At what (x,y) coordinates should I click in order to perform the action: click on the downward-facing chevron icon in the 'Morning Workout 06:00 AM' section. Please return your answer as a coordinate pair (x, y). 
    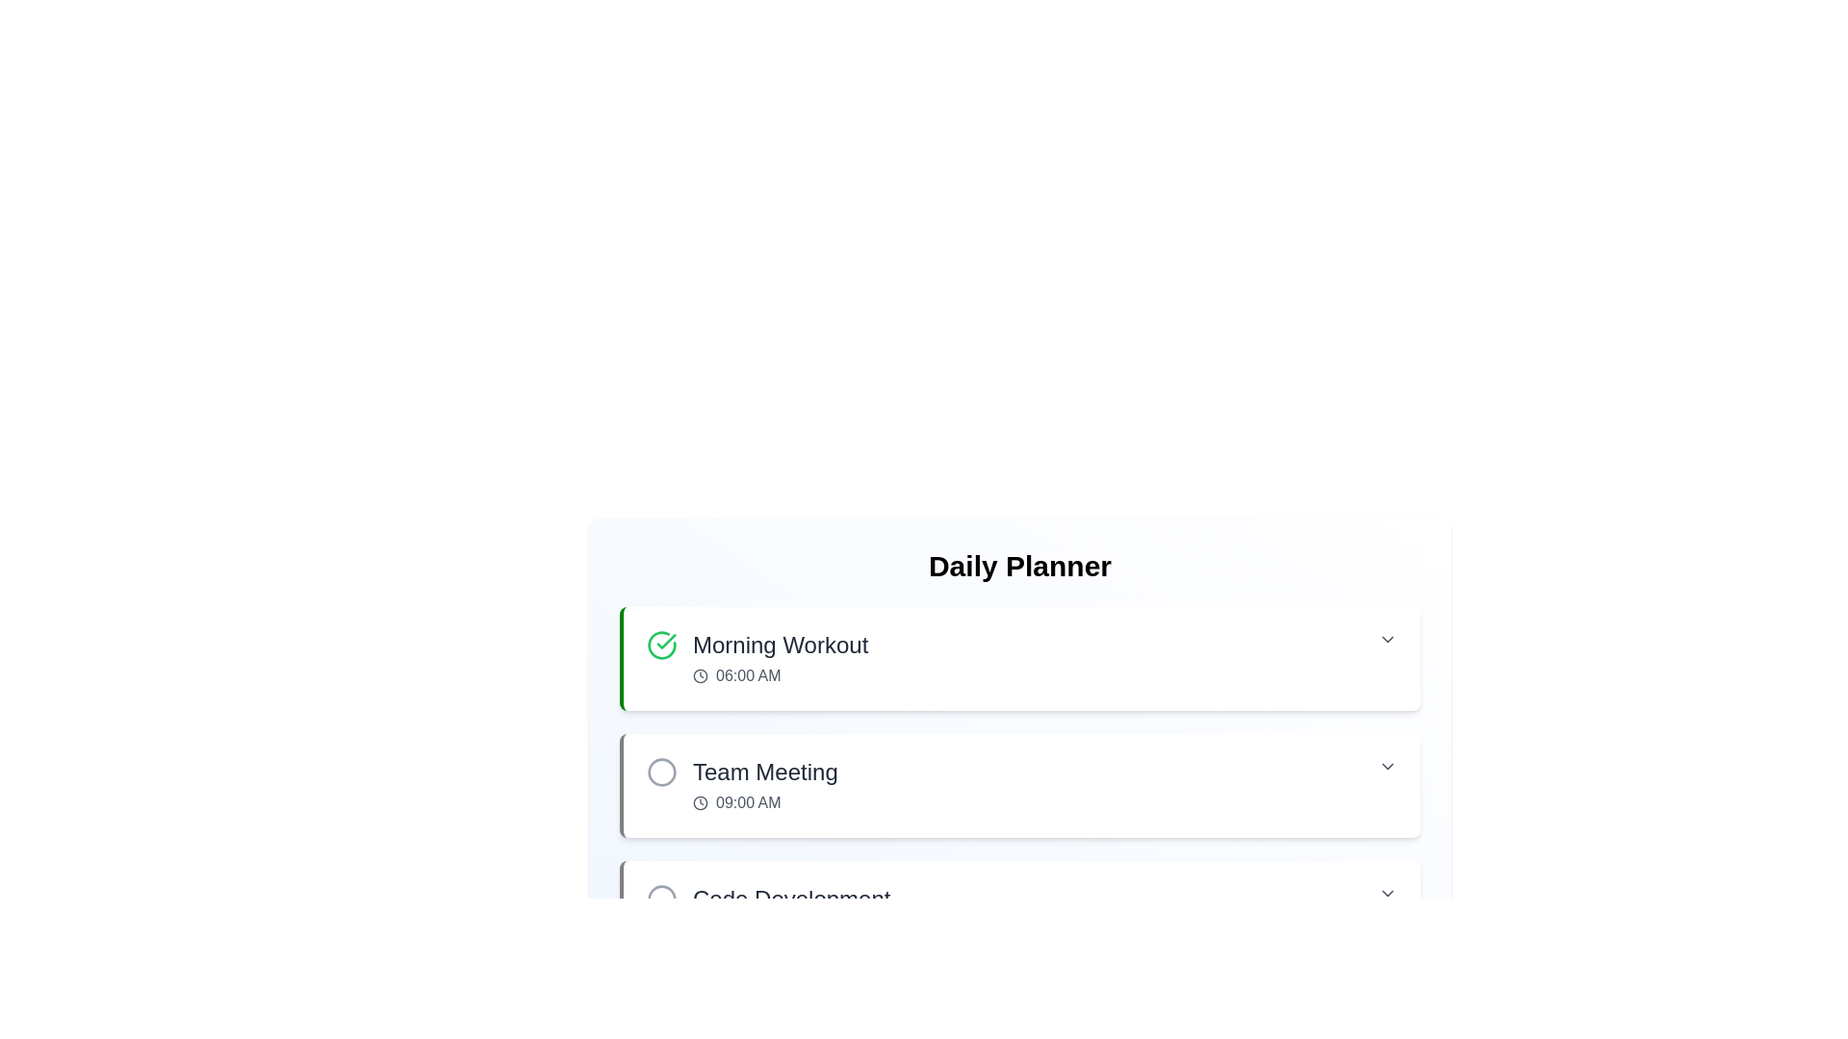
    Looking at the image, I should click on (1387, 639).